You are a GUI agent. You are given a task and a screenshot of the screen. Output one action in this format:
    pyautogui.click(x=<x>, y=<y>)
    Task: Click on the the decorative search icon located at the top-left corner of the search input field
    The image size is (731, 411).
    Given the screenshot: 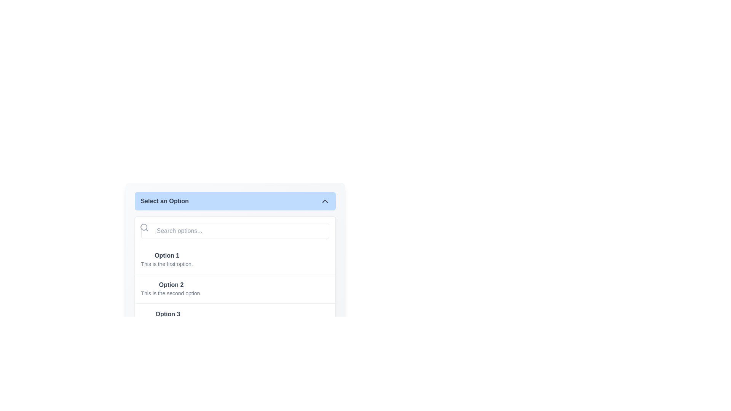 What is the action you would take?
    pyautogui.click(x=144, y=227)
    